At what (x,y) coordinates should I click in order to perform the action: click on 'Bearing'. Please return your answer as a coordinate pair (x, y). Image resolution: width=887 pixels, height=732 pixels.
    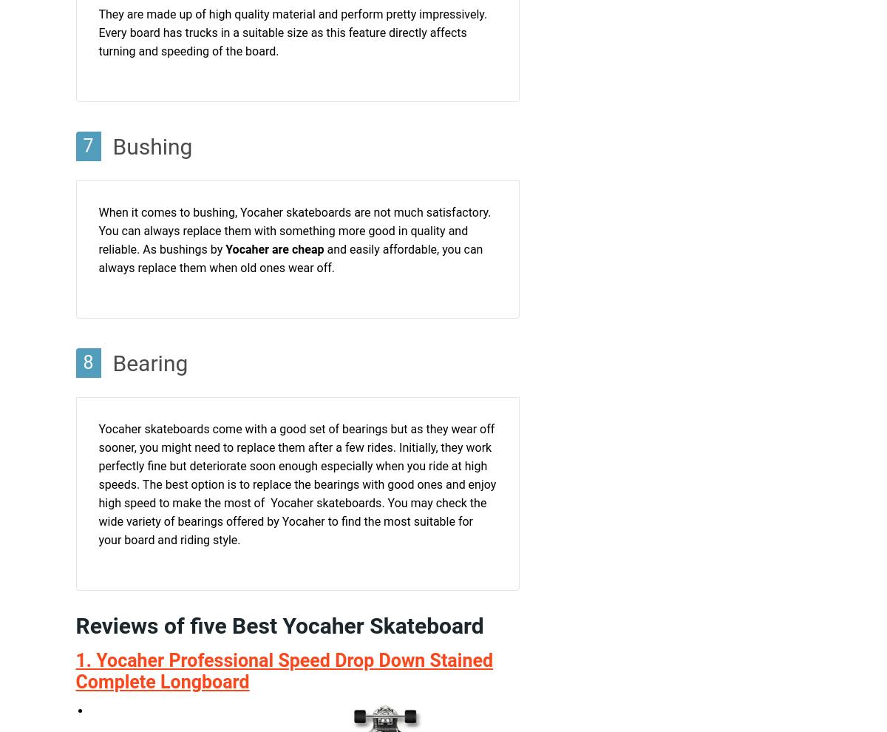
    Looking at the image, I should click on (149, 363).